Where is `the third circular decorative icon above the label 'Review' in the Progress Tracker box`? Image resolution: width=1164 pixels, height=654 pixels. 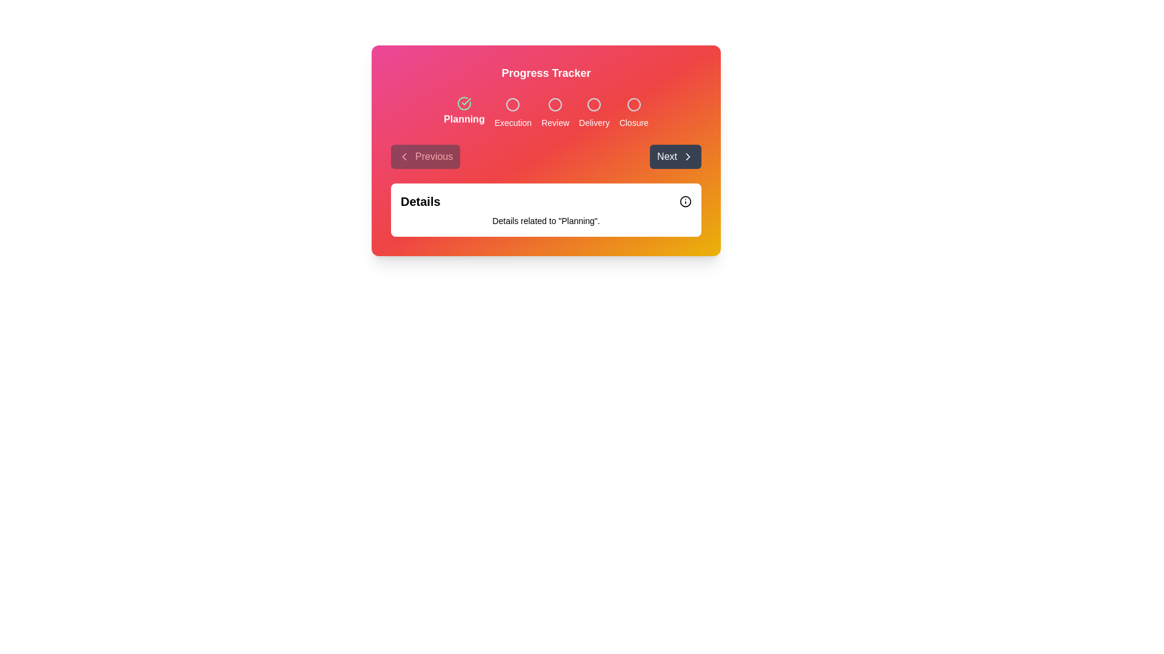 the third circular decorative icon above the label 'Review' in the Progress Tracker box is located at coordinates (555, 104).